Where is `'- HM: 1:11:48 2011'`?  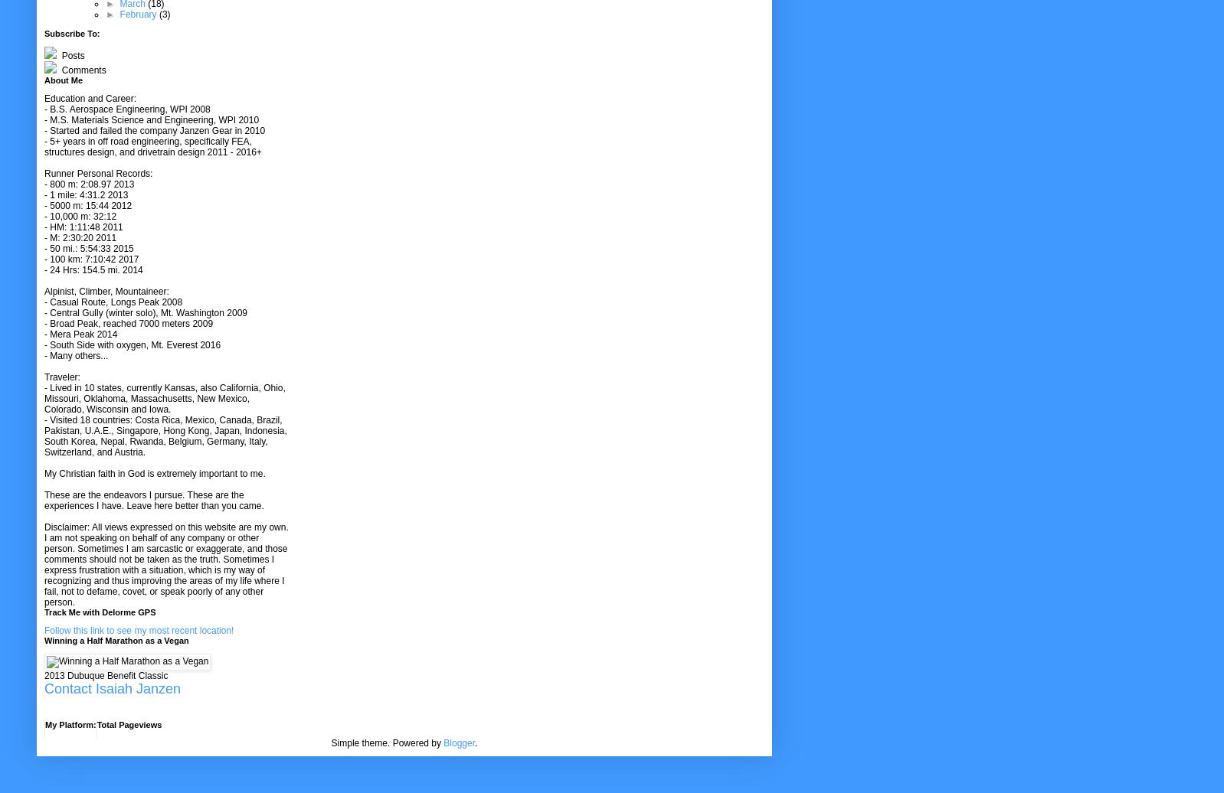 '- HM: 1:11:48 2011' is located at coordinates (44, 227).